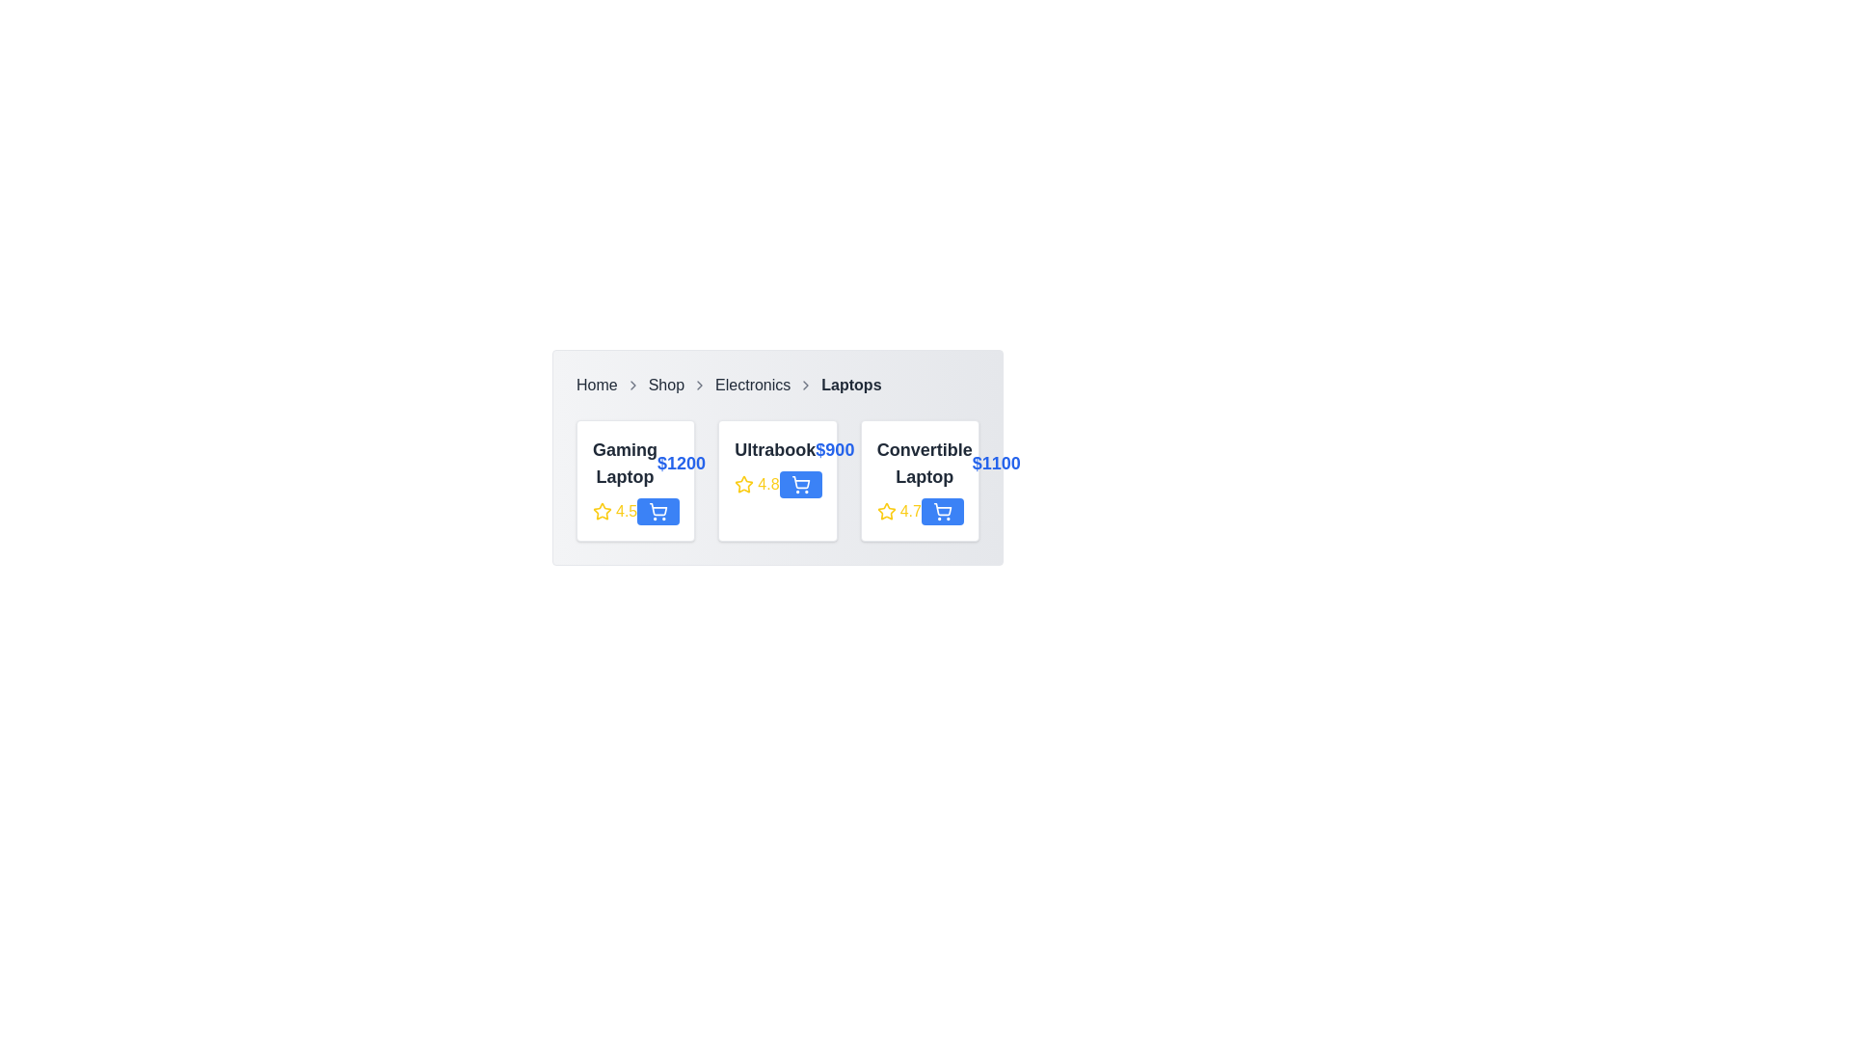 The height and width of the screenshot is (1041, 1851). What do you see at coordinates (919, 511) in the screenshot?
I see `the shopping cart icon in the Composite component for the 'Convertible Laptop'` at bounding box center [919, 511].